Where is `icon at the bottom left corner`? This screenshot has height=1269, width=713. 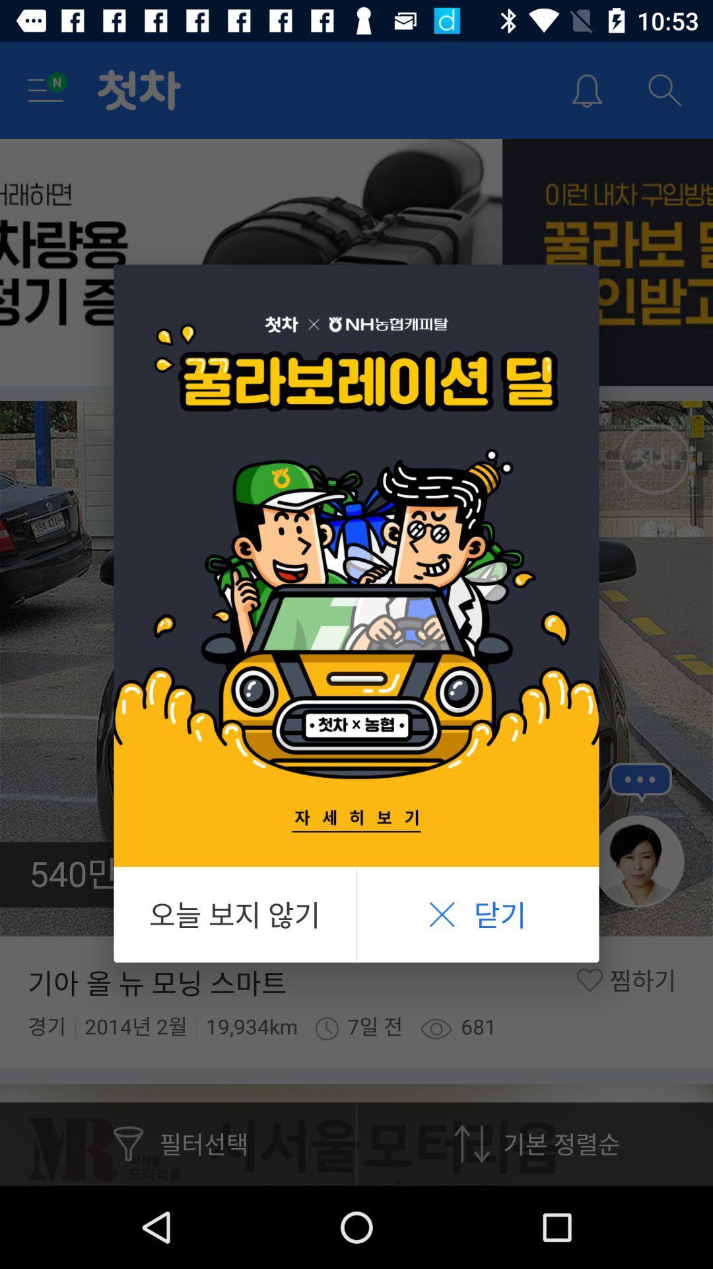
icon at the bottom left corner is located at coordinates (234, 914).